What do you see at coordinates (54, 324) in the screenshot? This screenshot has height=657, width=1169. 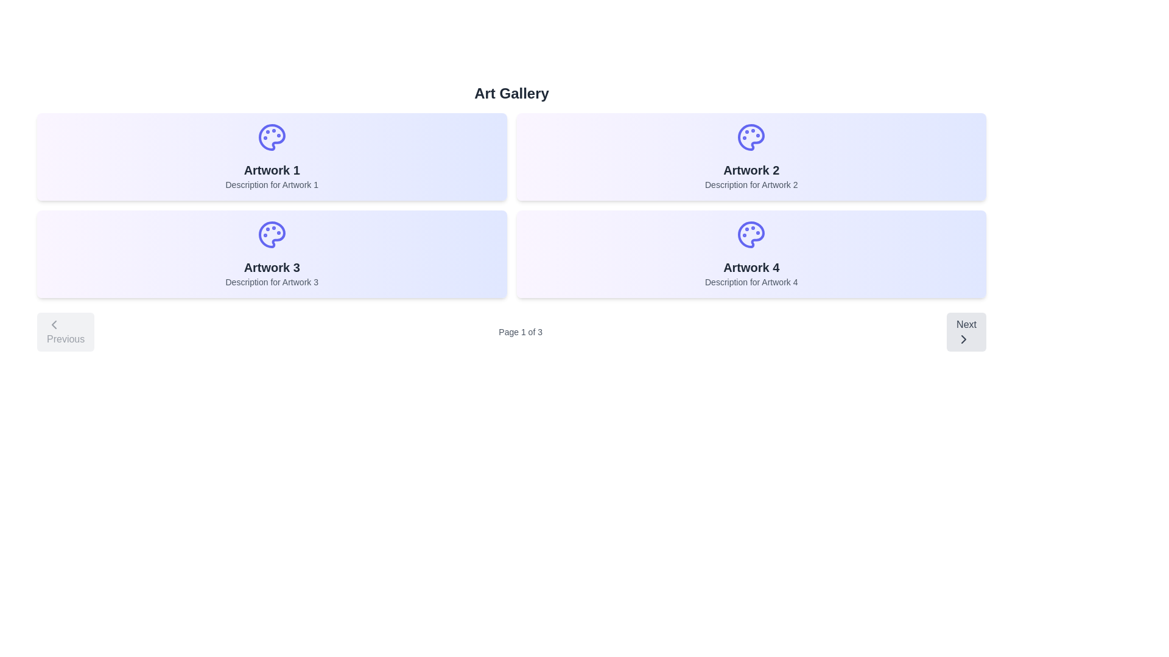 I see `the chevron-style left arrow icon located in the bottom-left corner of the interface` at bounding box center [54, 324].